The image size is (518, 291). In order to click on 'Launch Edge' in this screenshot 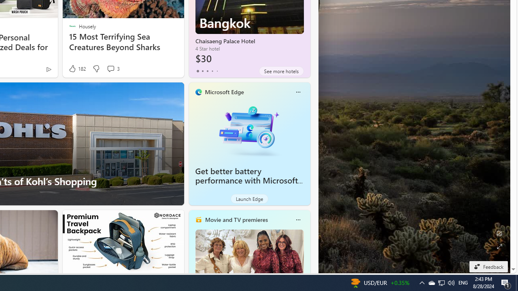, I will do `click(249, 199)`.